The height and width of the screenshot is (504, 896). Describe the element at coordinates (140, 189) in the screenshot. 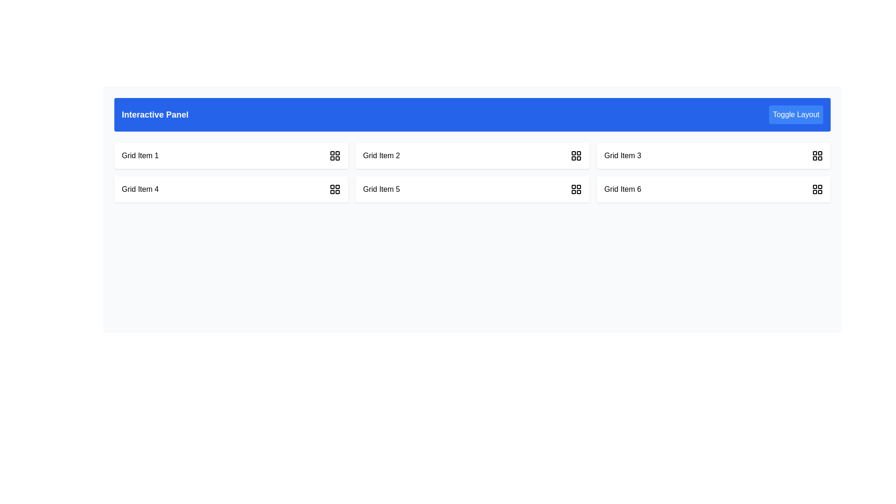

I see `the text label displaying 'Grid Item 4' which is located in the second row of a grid layout, beneath 'Grid Item 1'` at that location.